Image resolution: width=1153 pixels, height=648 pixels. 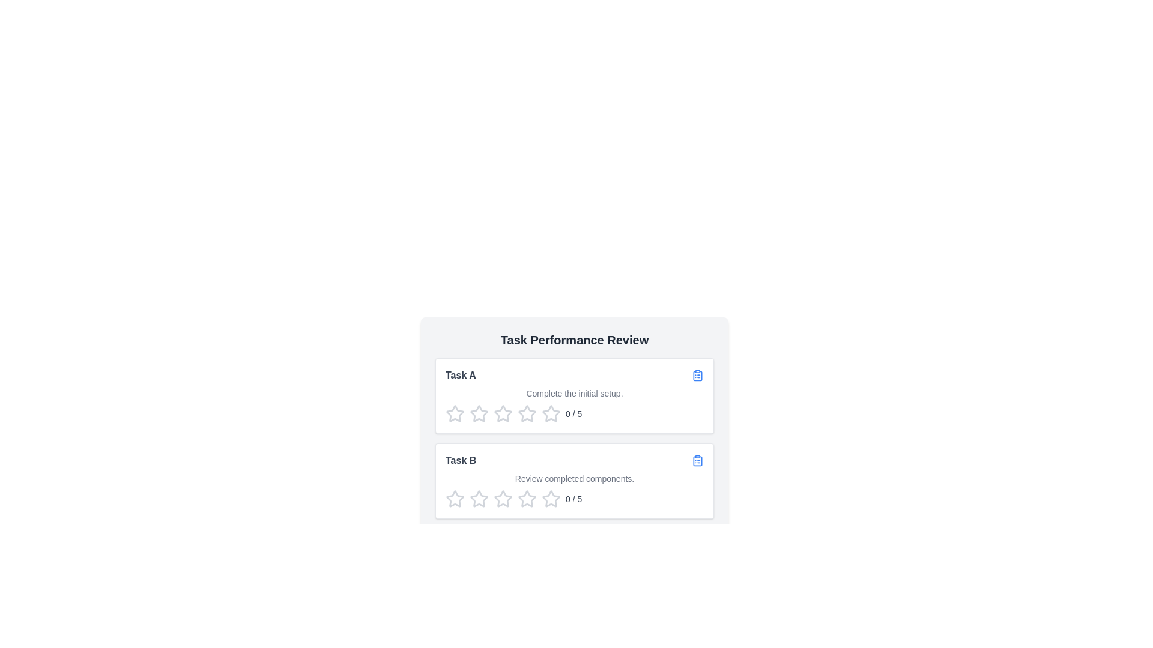 I want to click on the Rating indicator text displaying '0 / 5' located to the right of the star icons in the 'Task AComplete the initial setup.' section, so click(x=573, y=413).